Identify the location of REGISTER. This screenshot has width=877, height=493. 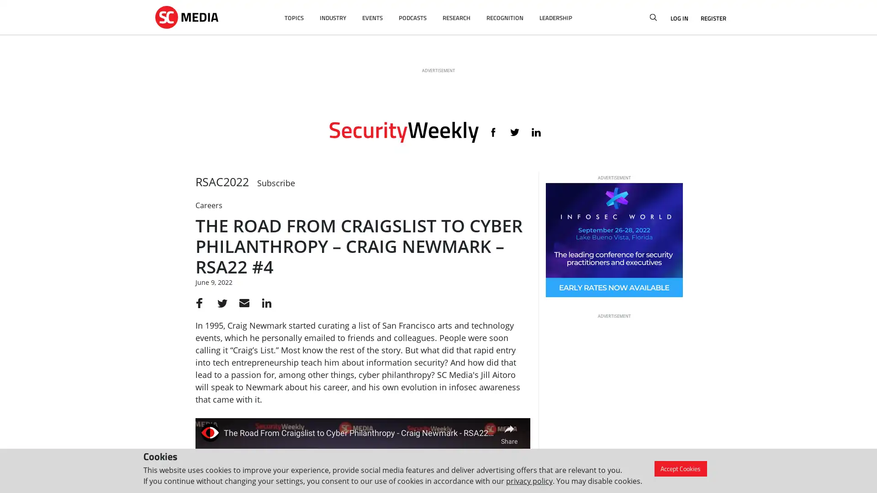
(710, 18).